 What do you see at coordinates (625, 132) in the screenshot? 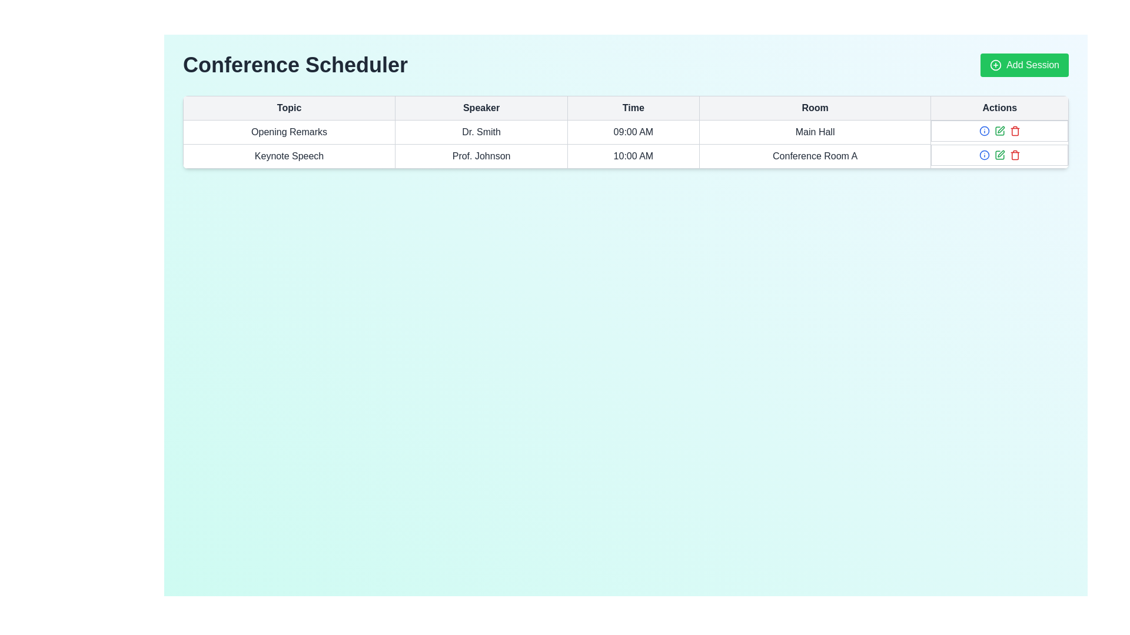
I see `the first row of the table that presents session details, including 'Opening Remarks'` at bounding box center [625, 132].